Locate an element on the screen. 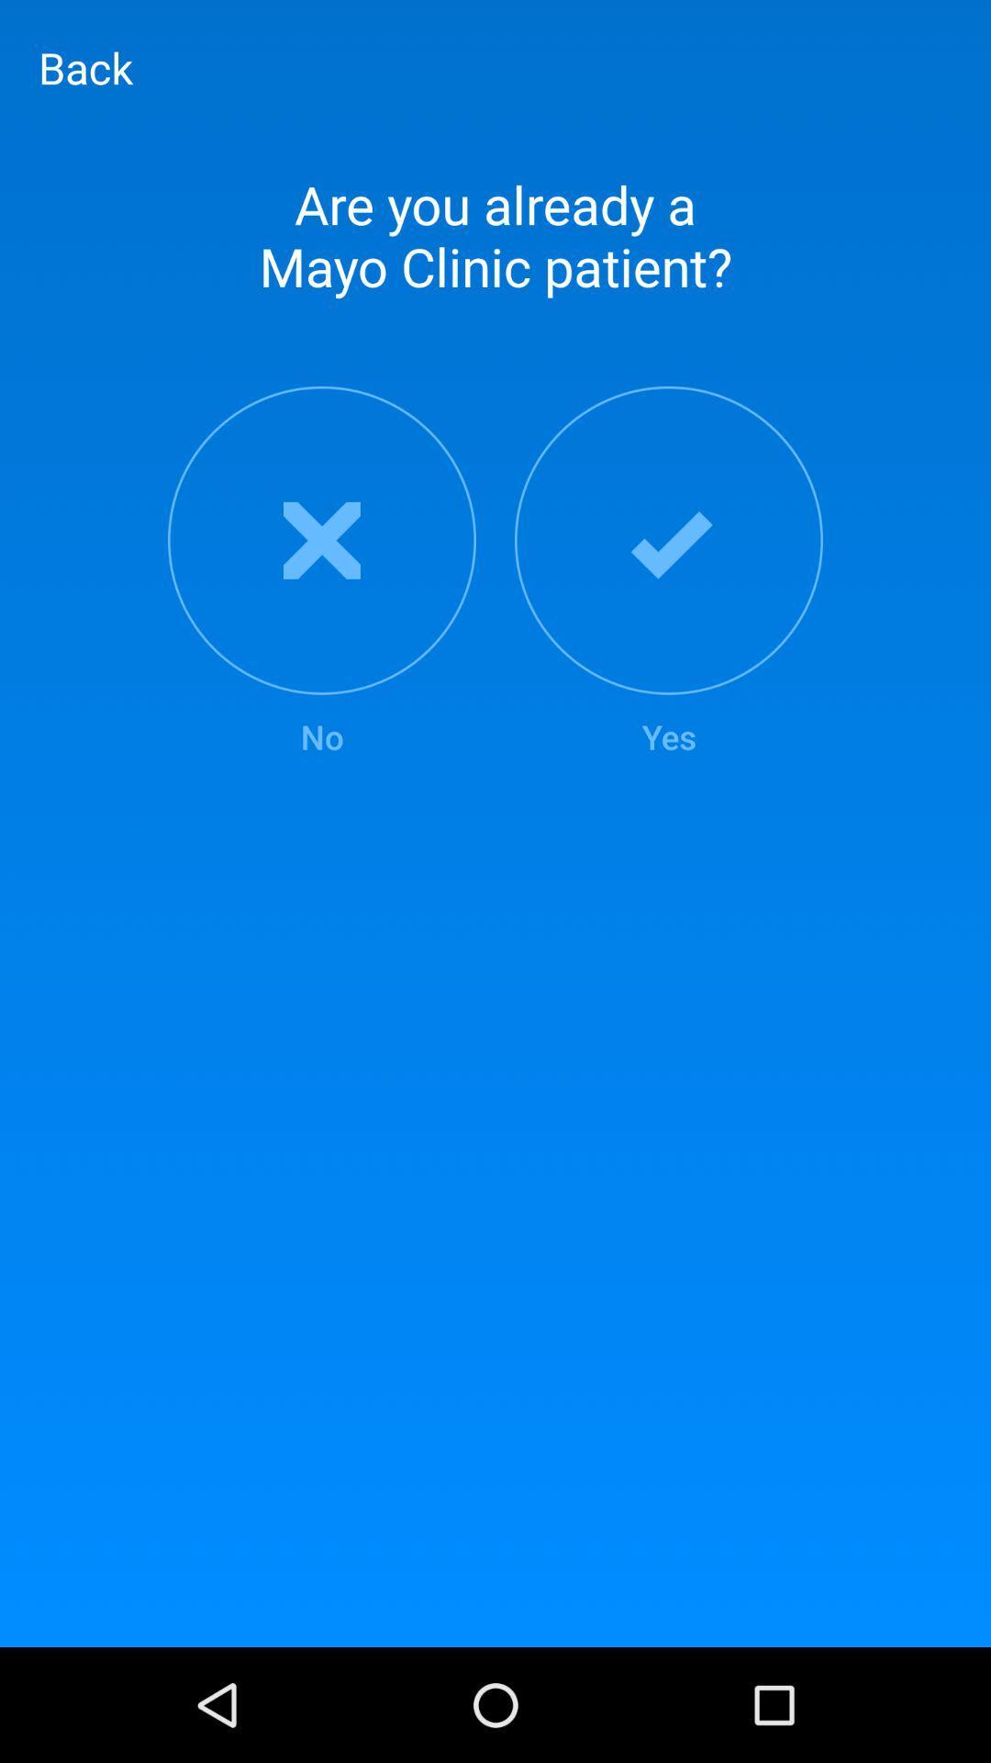  the item at the top right corner is located at coordinates (669, 572).